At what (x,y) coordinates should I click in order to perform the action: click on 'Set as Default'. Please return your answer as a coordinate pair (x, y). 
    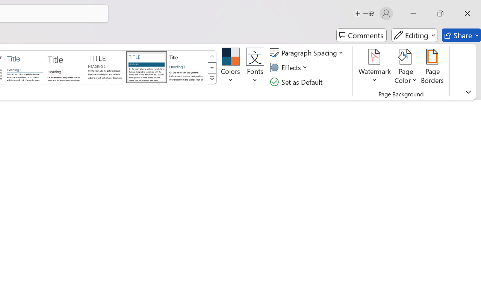
    Looking at the image, I should click on (297, 82).